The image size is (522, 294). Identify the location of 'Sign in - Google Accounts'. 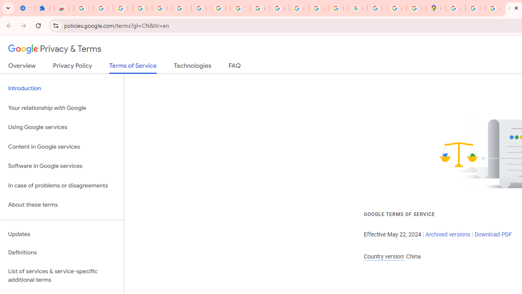
(83, 8).